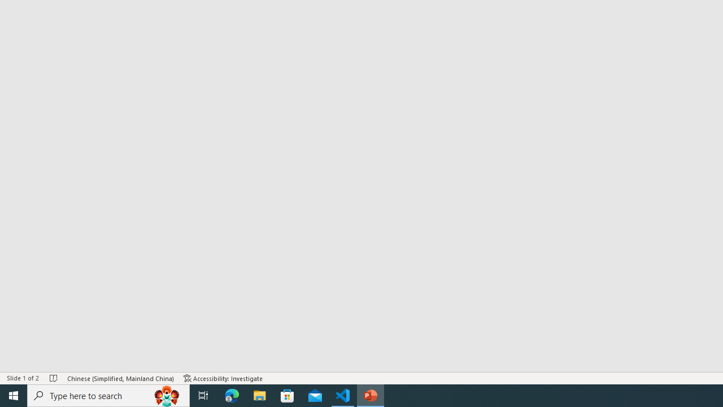 This screenshot has height=407, width=723. Describe the element at coordinates (232, 395) in the screenshot. I see `'Microsoft Edge'` at that location.